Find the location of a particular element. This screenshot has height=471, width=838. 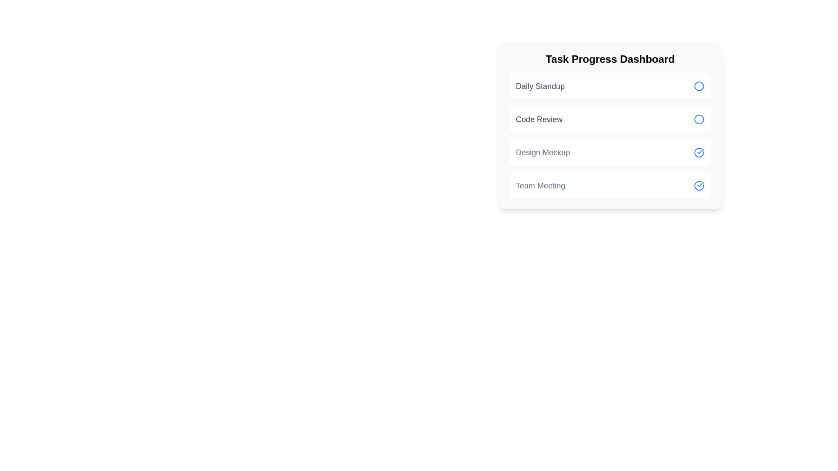

the text label 'Design Mockup' which is styled with a strikethrough, indicating a completed task, located in the 'Task Progress Dashboard' as the third task in the list is located at coordinates (542, 152).